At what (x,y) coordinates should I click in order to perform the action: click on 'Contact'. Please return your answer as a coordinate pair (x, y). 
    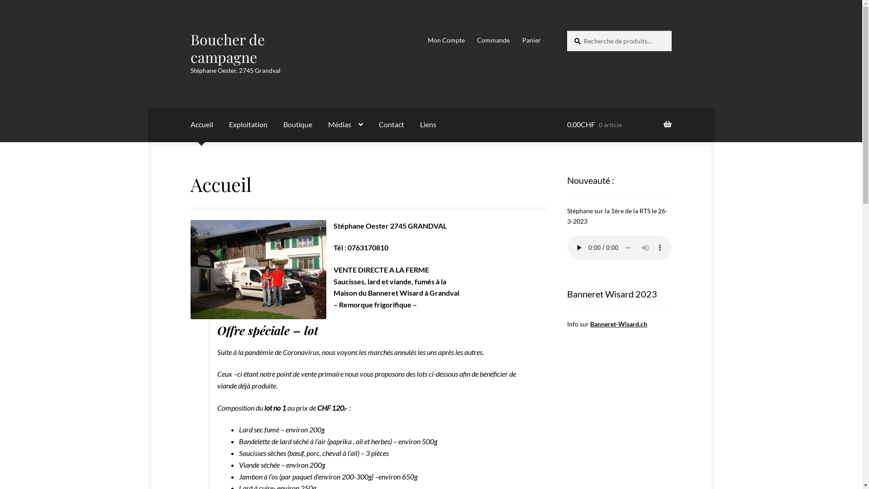
    Looking at the image, I should click on (391, 124).